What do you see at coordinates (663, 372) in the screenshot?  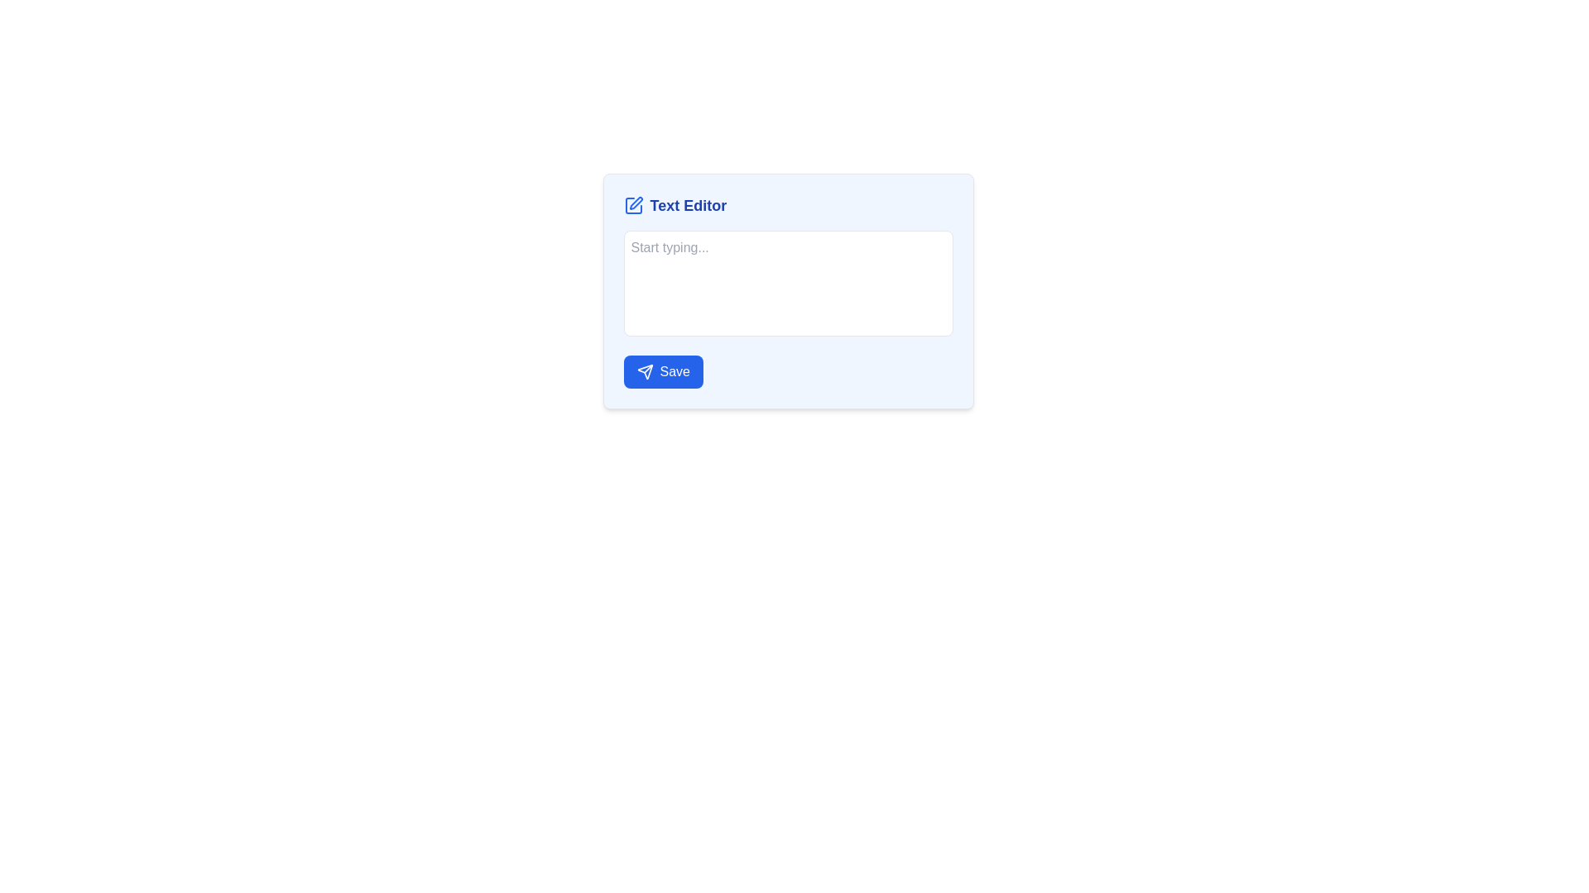 I see `the save button located at the bottom-left corner of the content card` at bounding box center [663, 372].